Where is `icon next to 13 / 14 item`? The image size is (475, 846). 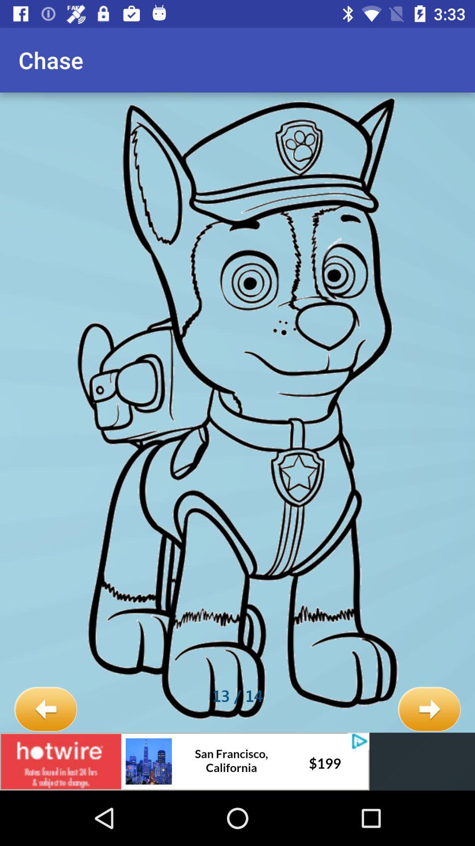 icon next to 13 / 14 item is located at coordinates (429, 709).